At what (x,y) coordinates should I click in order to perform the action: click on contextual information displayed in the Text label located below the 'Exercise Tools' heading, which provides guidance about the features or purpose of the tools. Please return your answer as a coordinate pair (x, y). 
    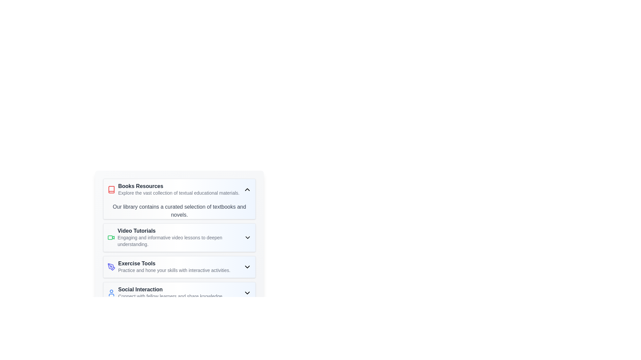
    Looking at the image, I should click on (174, 270).